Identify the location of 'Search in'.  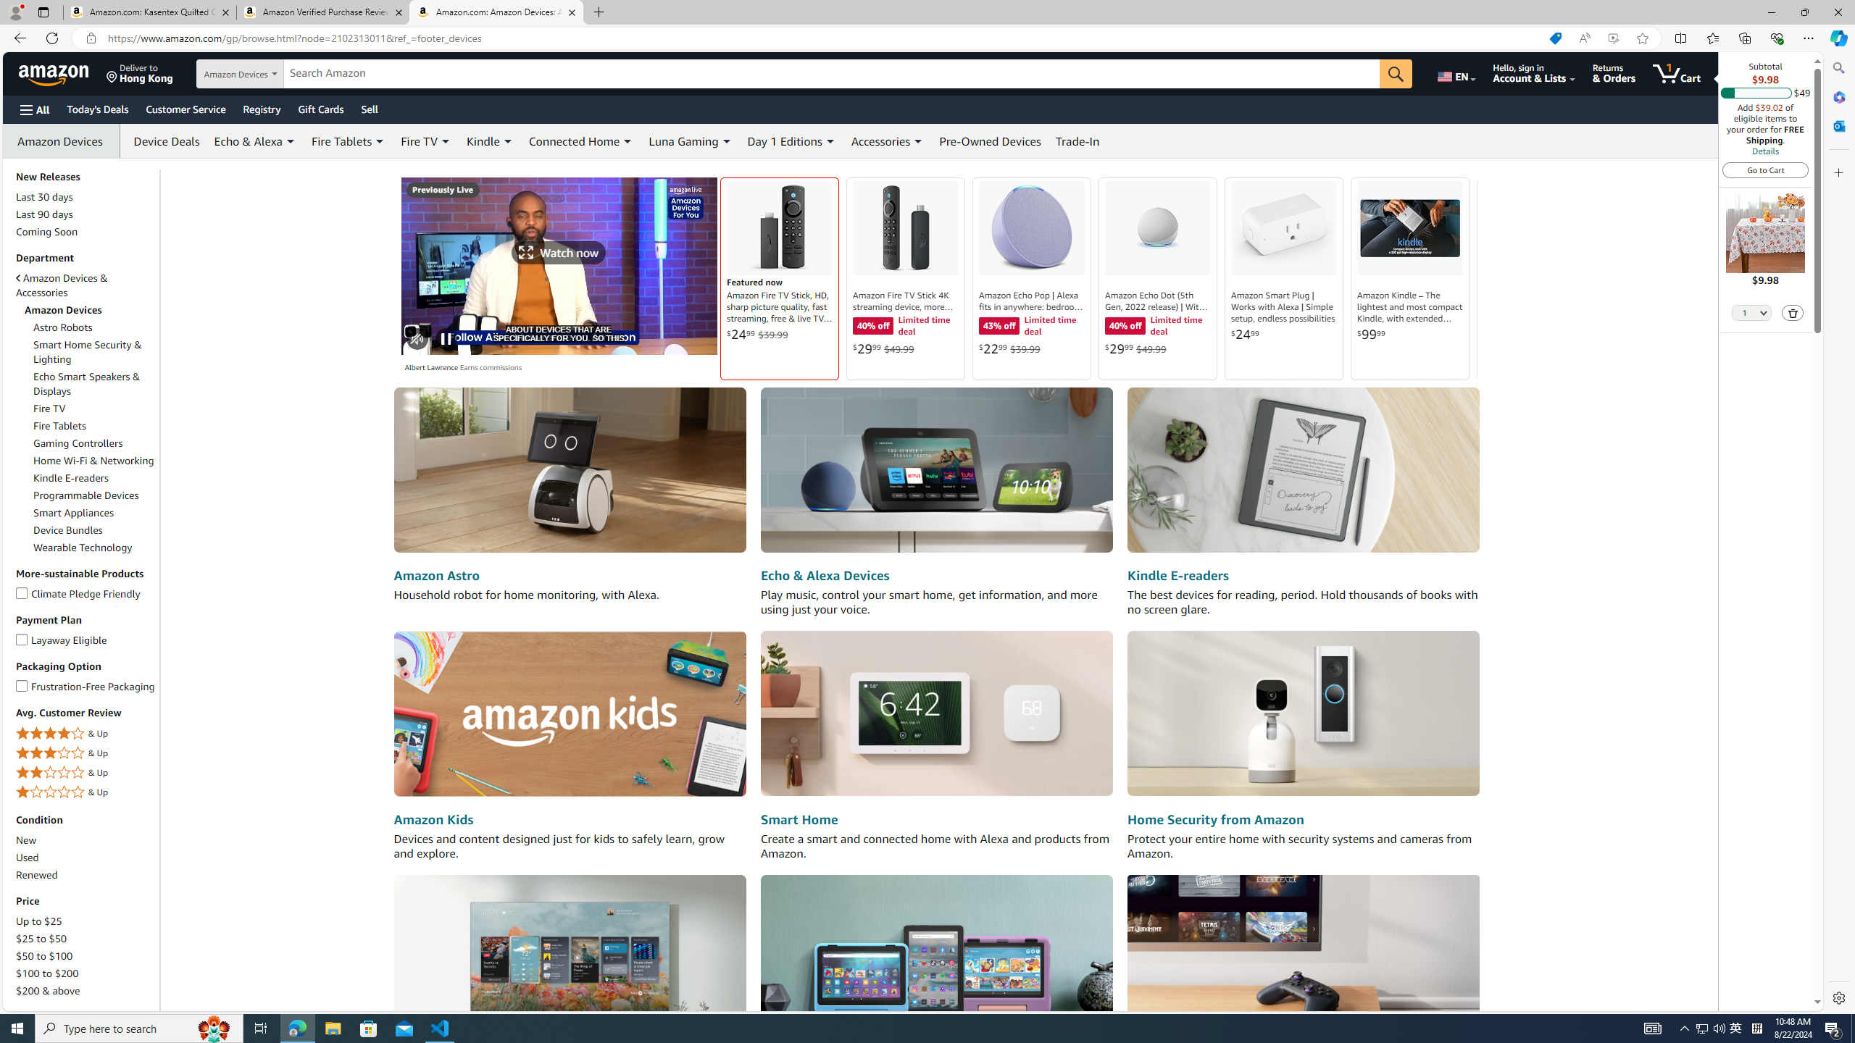
(268, 74).